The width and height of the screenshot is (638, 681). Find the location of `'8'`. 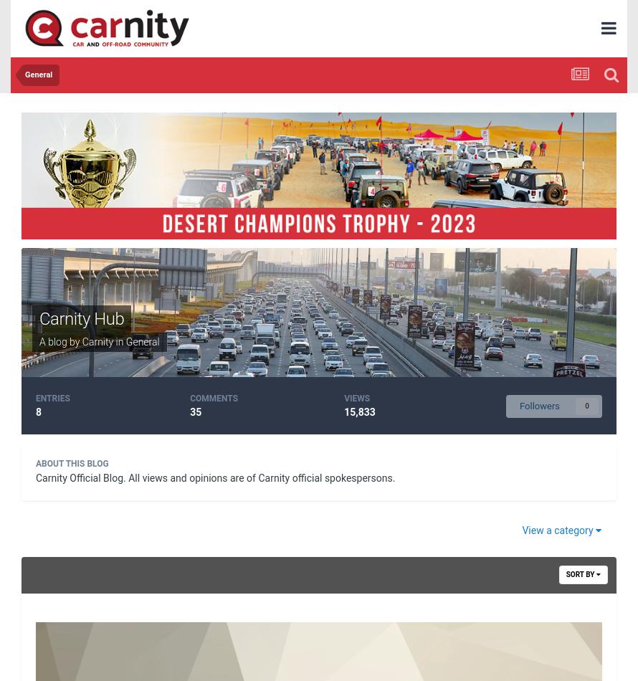

'8' is located at coordinates (39, 412).